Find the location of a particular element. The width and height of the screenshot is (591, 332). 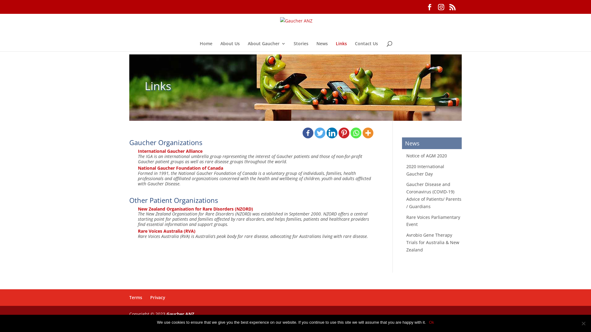

'Rare Voices Parliamentary Event' is located at coordinates (433, 220).